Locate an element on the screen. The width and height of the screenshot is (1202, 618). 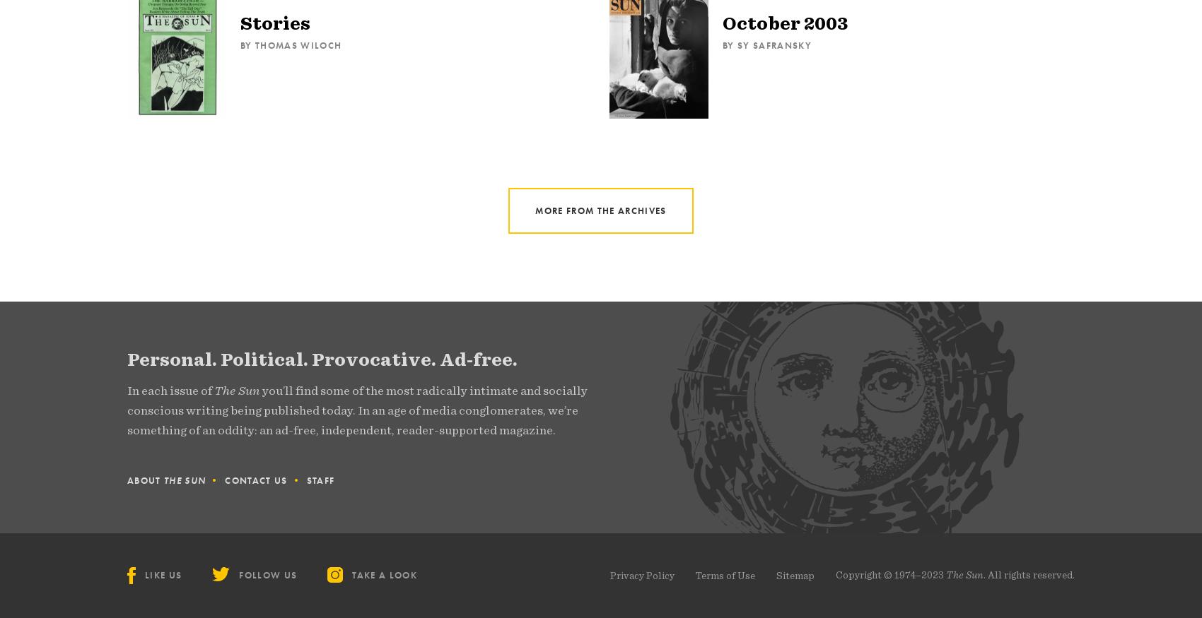
'Like us' is located at coordinates (163, 575).